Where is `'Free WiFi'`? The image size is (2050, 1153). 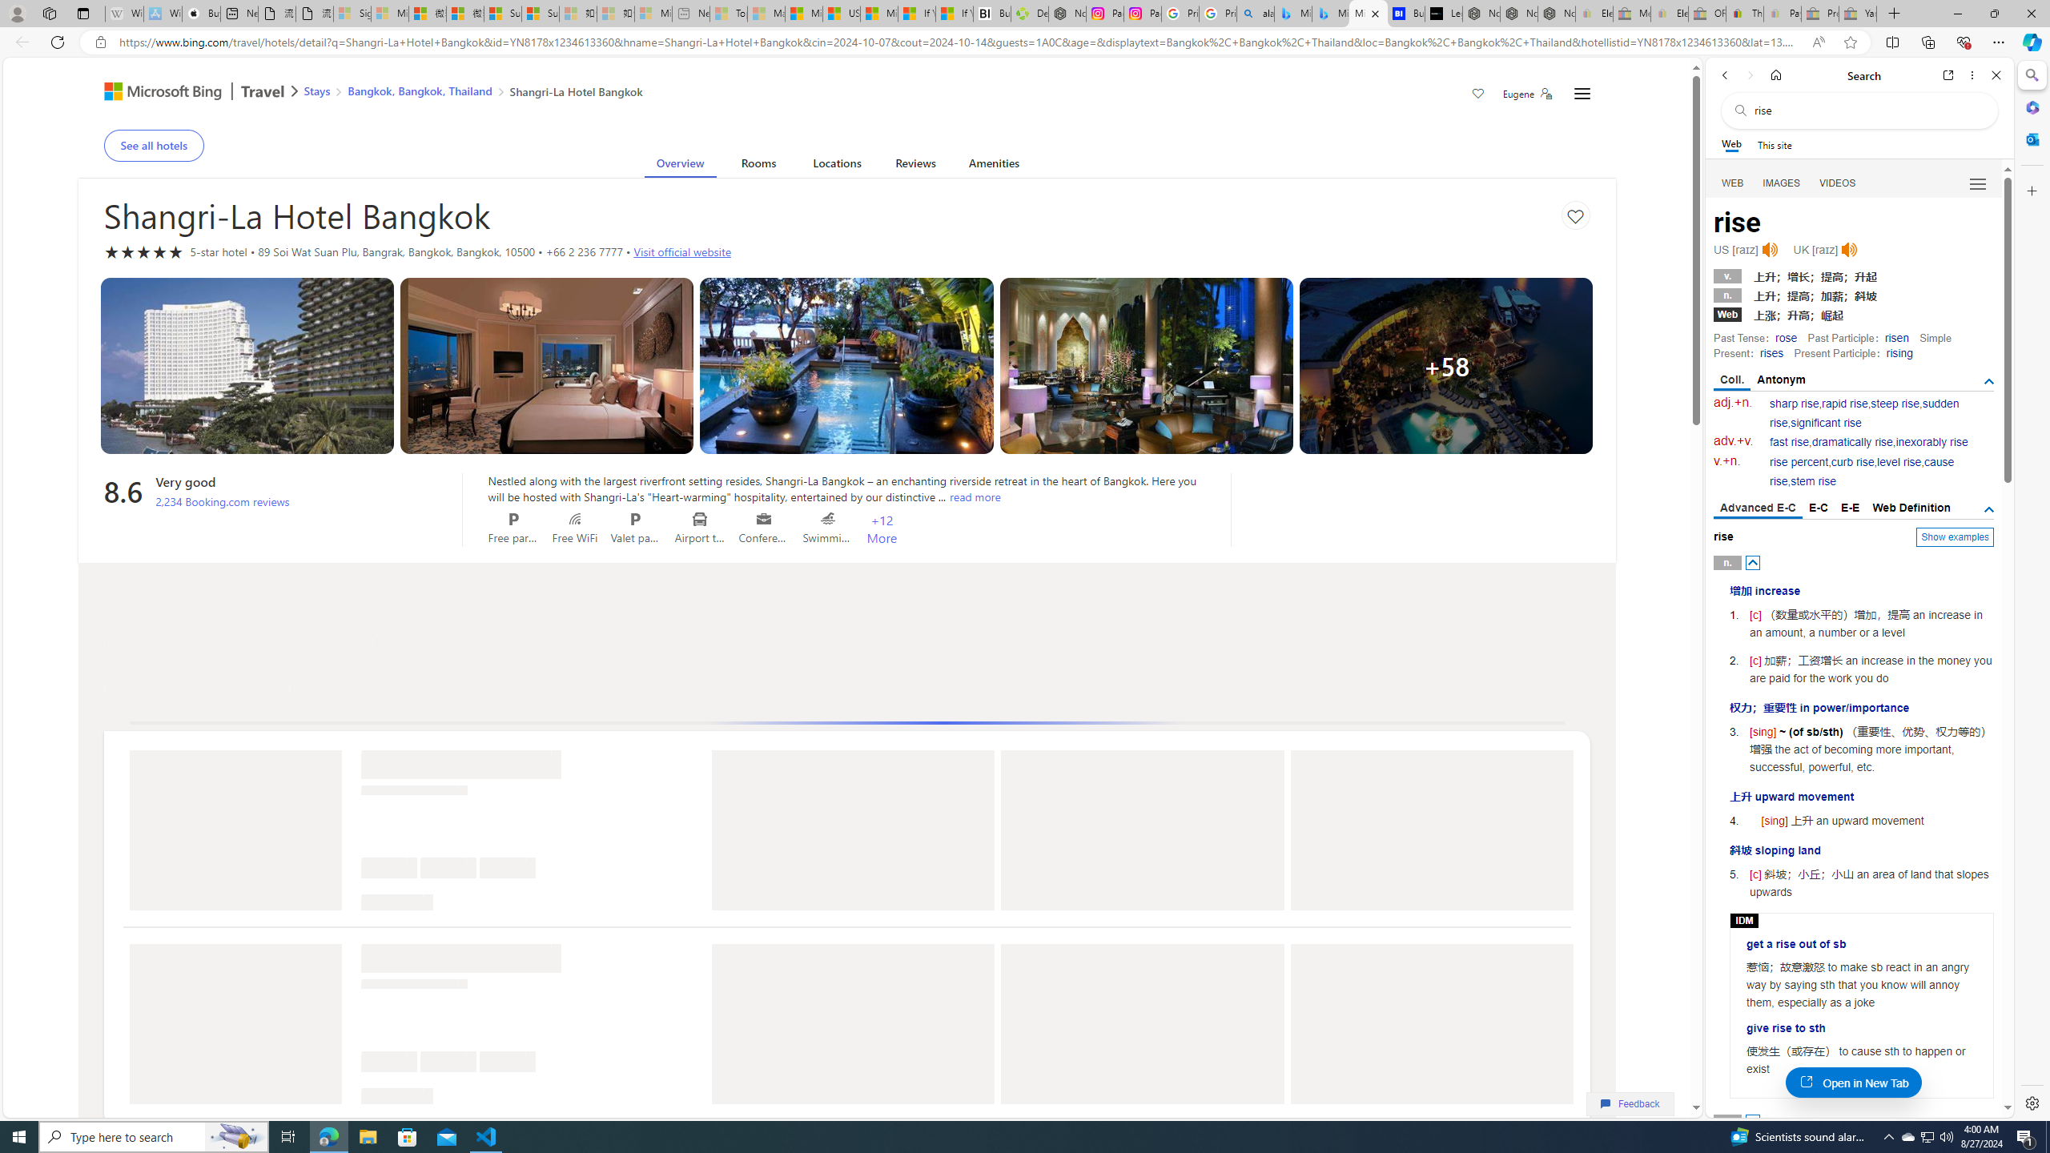 'Free WiFi' is located at coordinates (574, 518).